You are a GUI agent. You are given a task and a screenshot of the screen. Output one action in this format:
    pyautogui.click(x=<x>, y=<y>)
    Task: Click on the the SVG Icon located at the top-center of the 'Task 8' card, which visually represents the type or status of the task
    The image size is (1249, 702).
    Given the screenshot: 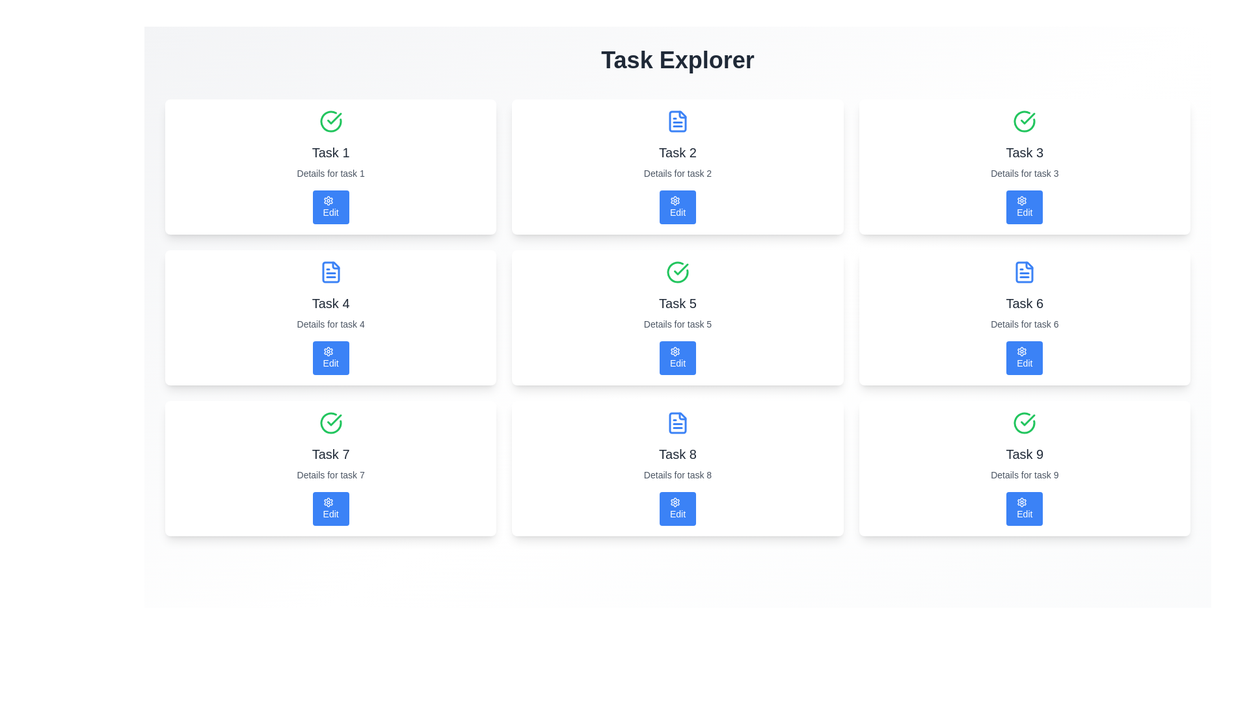 What is the action you would take?
    pyautogui.click(x=677, y=423)
    